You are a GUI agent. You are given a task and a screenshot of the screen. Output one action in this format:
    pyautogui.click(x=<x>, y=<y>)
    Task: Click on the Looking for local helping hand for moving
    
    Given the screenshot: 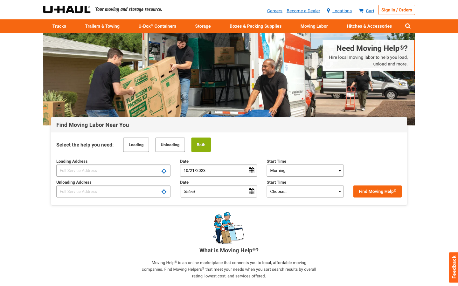 What is the action you would take?
    pyautogui.click(x=358, y=58)
    